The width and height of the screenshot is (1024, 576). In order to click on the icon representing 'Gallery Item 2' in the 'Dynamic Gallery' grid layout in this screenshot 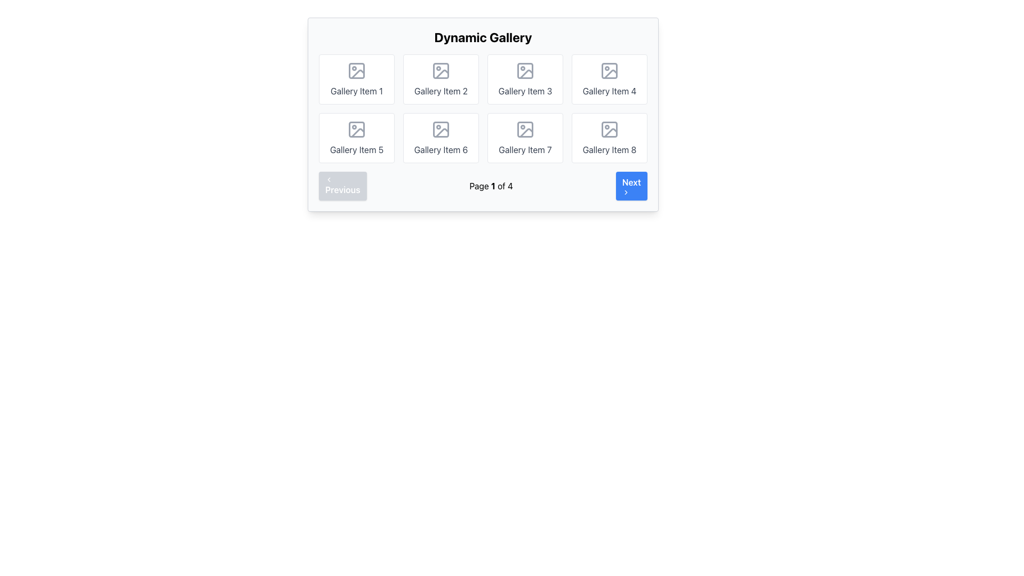, I will do `click(441, 70)`.